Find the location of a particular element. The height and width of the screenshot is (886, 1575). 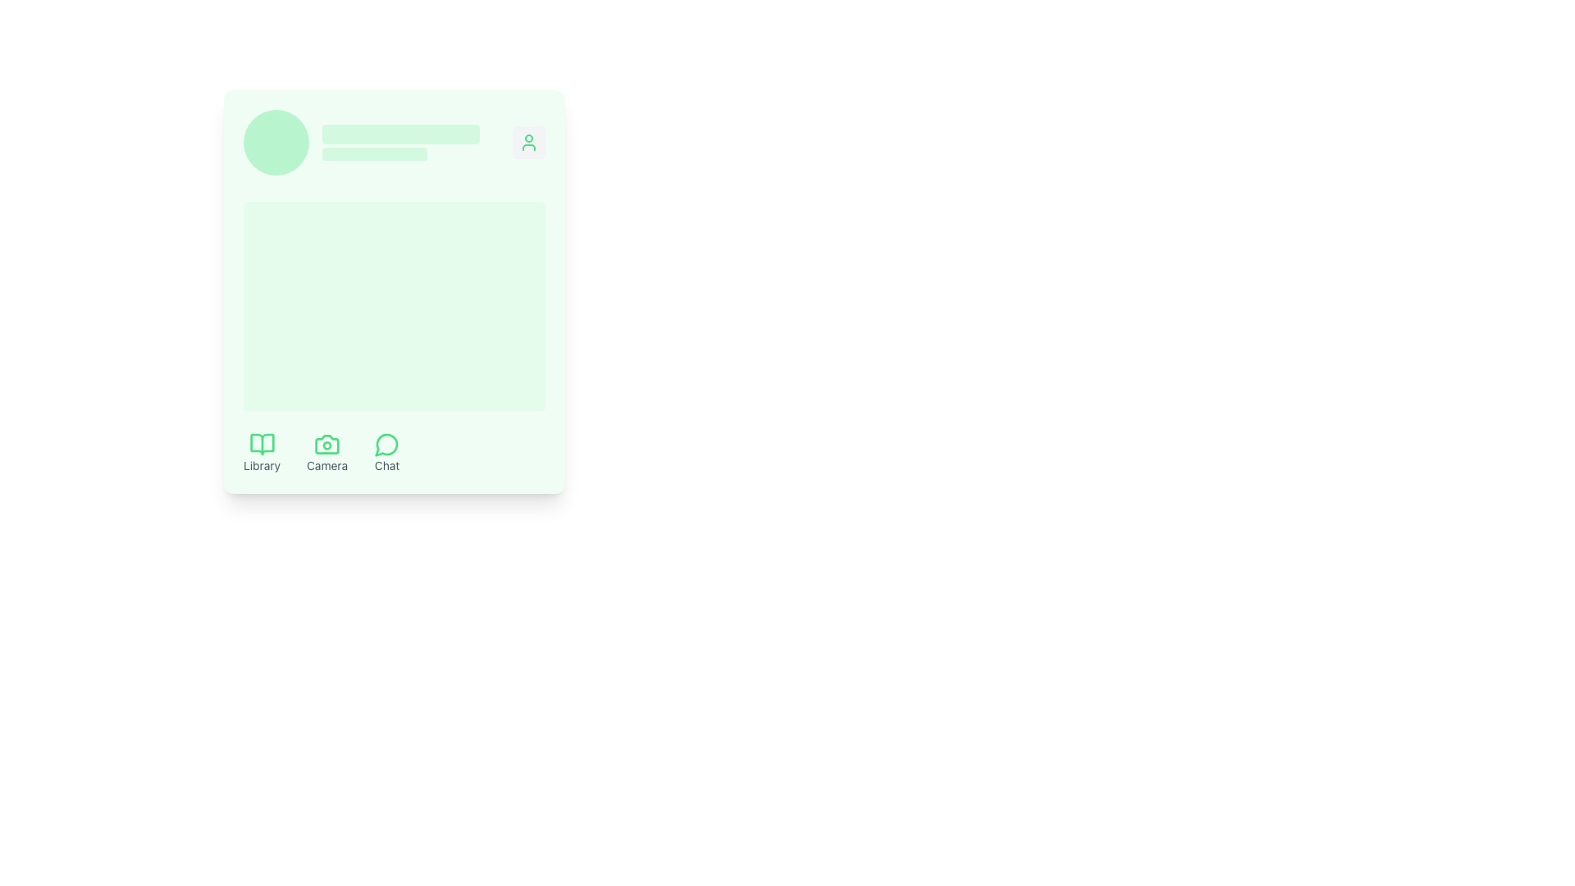

the camera icon, which is the second icon in the bottom navigation bar is located at coordinates (326, 445).